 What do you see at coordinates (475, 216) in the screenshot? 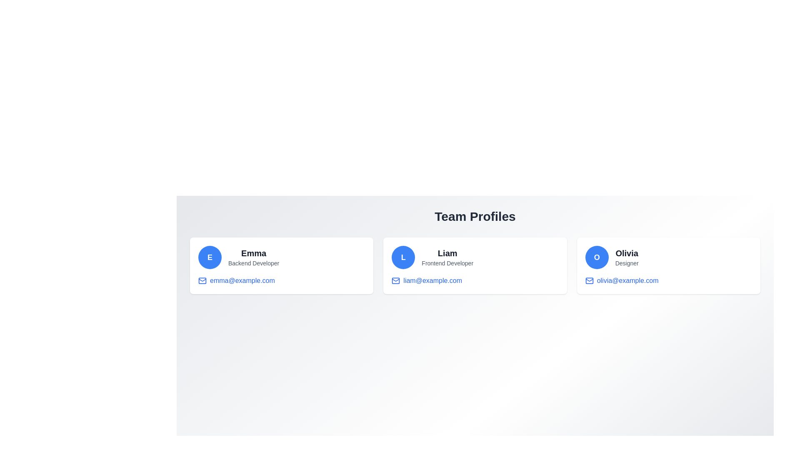
I see `the Text Header, which serves as the title for the team members' profiles` at bounding box center [475, 216].